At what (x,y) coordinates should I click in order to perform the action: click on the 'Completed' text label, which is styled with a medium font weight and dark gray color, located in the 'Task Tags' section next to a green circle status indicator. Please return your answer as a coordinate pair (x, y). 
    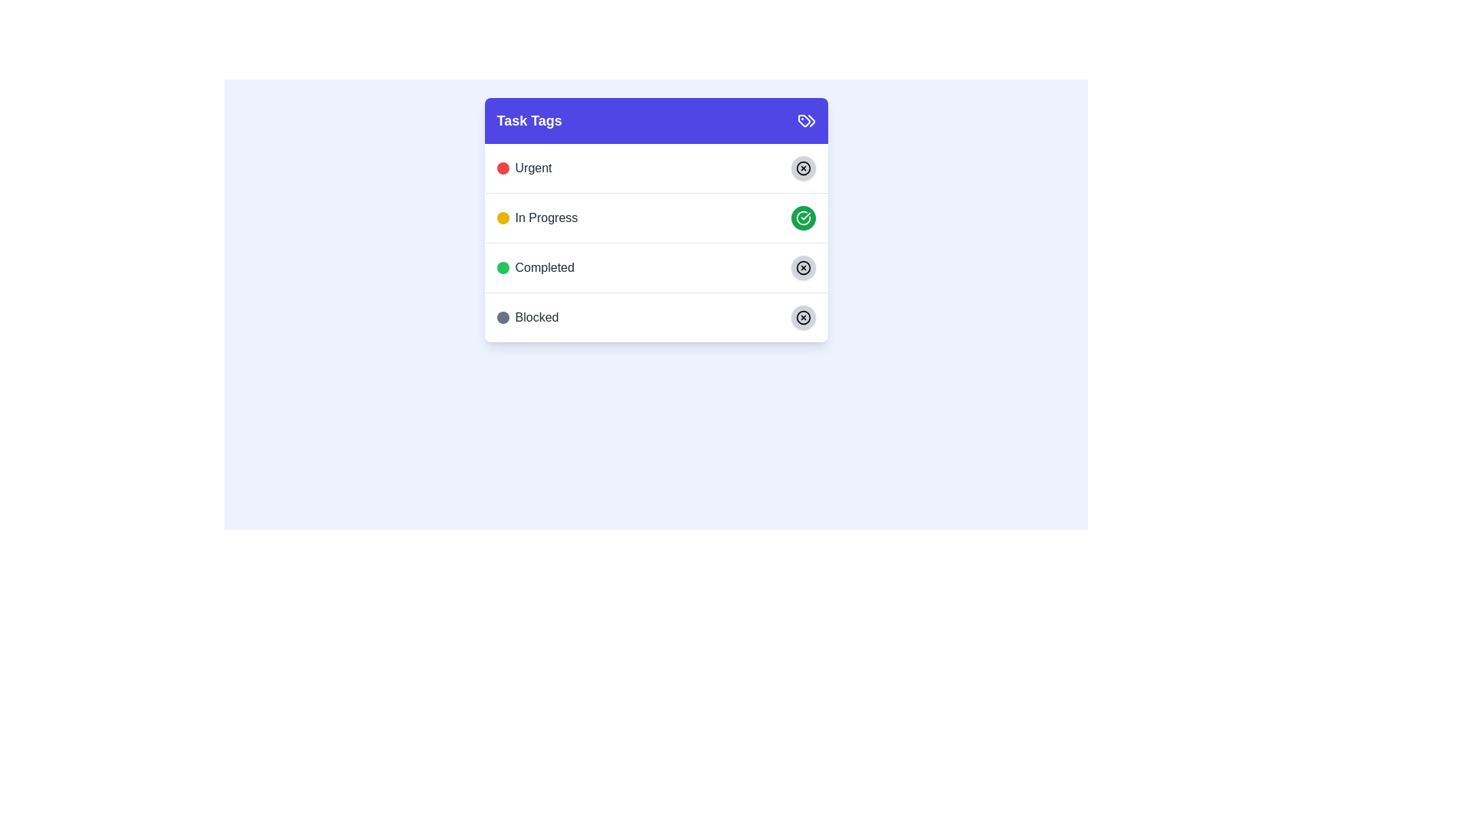
    Looking at the image, I should click on (545, 267).